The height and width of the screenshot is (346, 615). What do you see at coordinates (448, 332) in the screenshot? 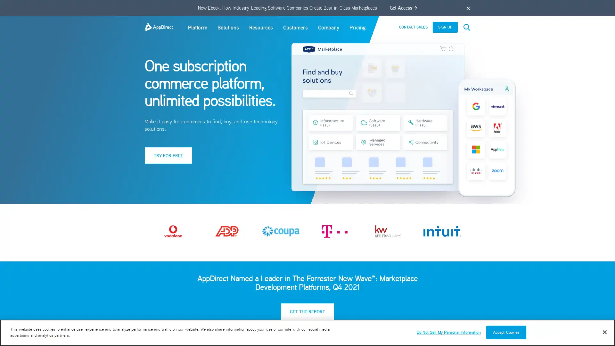
I see `Do Not Sell My Personal Information` at bounding box center [448, 332].